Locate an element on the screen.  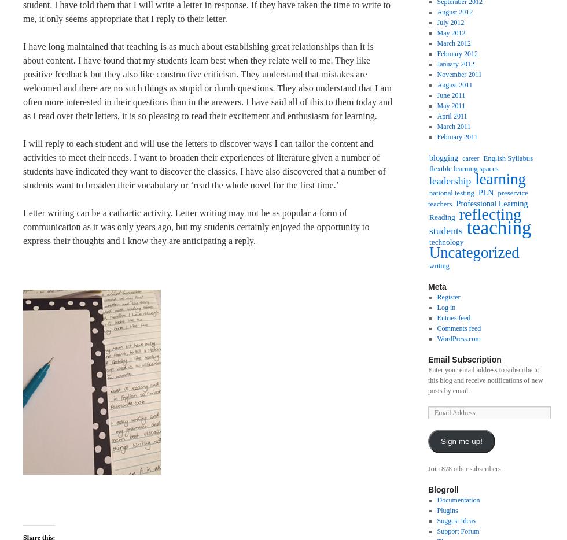
'Enter your email address to subscribe to this blog and receive notifications of new posts by email.' is located at coordinates (485, 380).